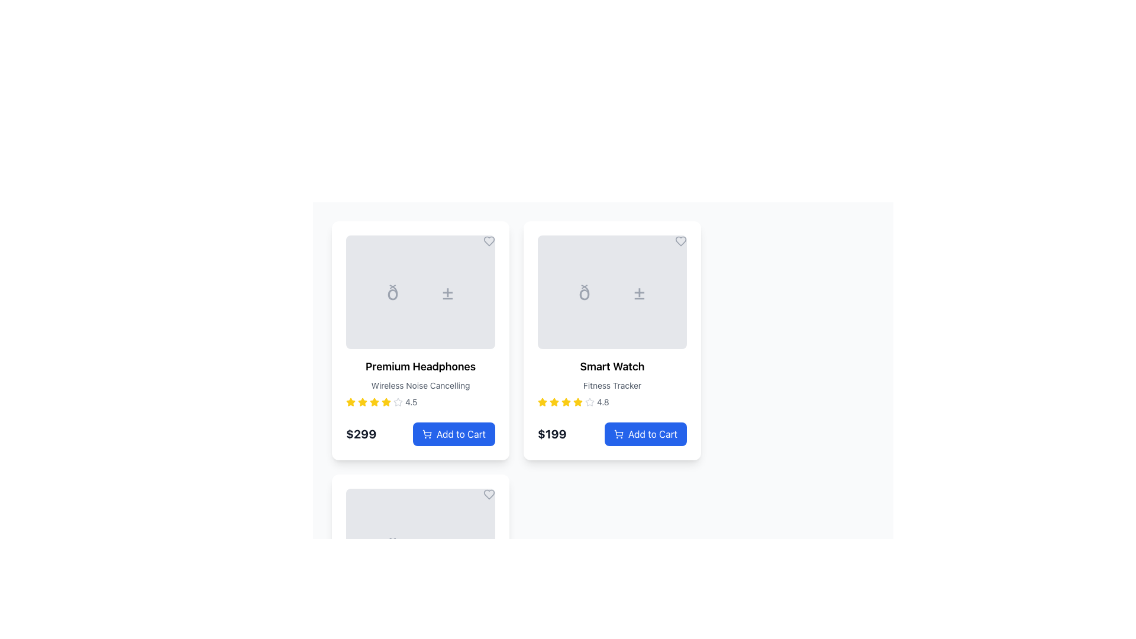 Image resolution: width=1136 pixels, height=639 pixels. I want to click on the 'Add to Cart' button with a shopping cart icon located beneath the title 'Smart Watch' and aligned to the right of the price label '$199', so click(612, 429).